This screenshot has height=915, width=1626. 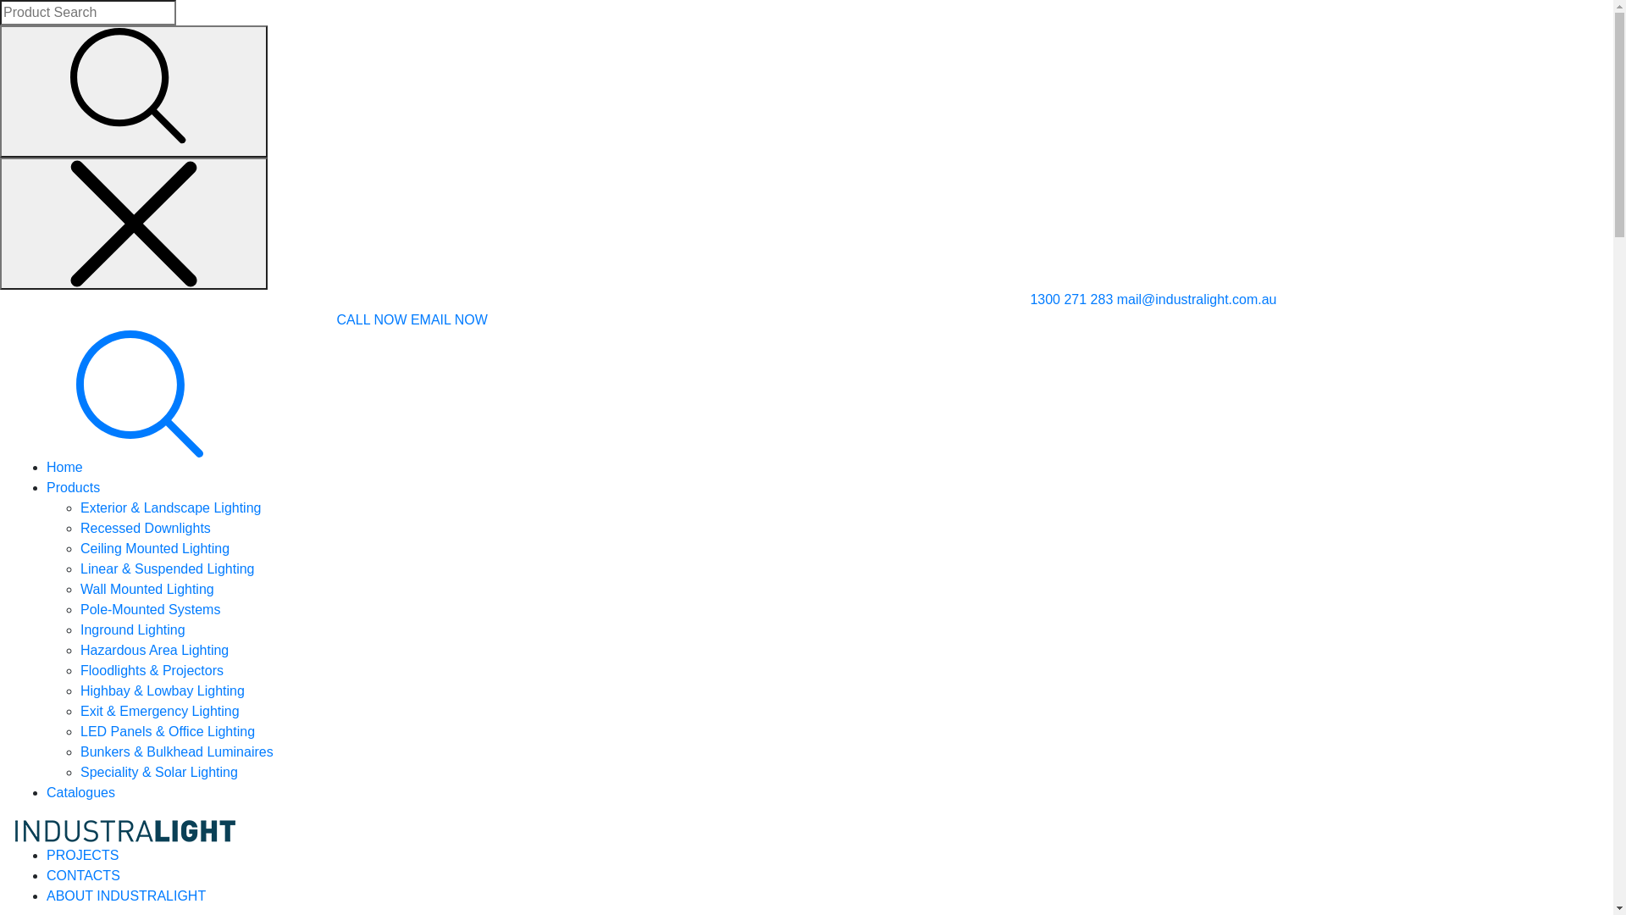 I want to click on 'Inground Lighting', so click(x=80, y=629).